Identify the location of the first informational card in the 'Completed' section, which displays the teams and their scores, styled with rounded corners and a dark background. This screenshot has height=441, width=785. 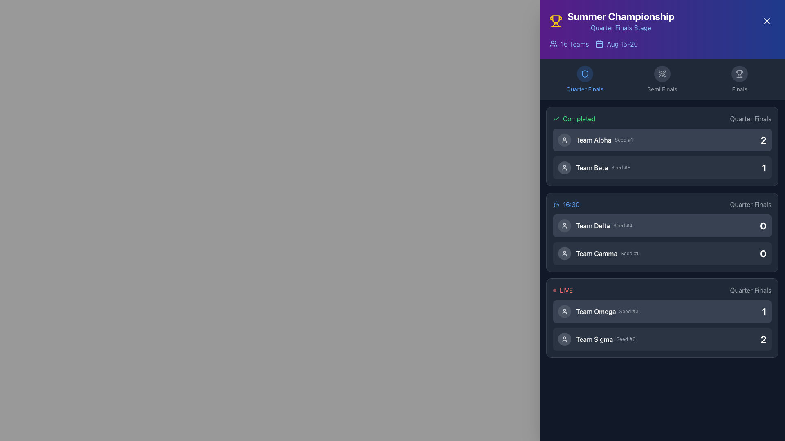
(662, 146).